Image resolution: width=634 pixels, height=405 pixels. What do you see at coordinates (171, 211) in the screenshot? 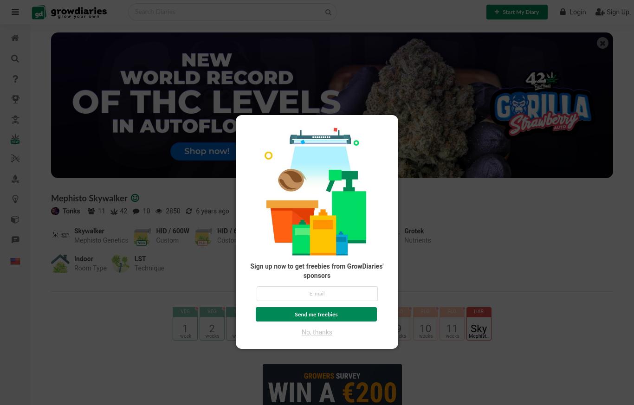
I see `'2850'` at bounding box center [171, 211].